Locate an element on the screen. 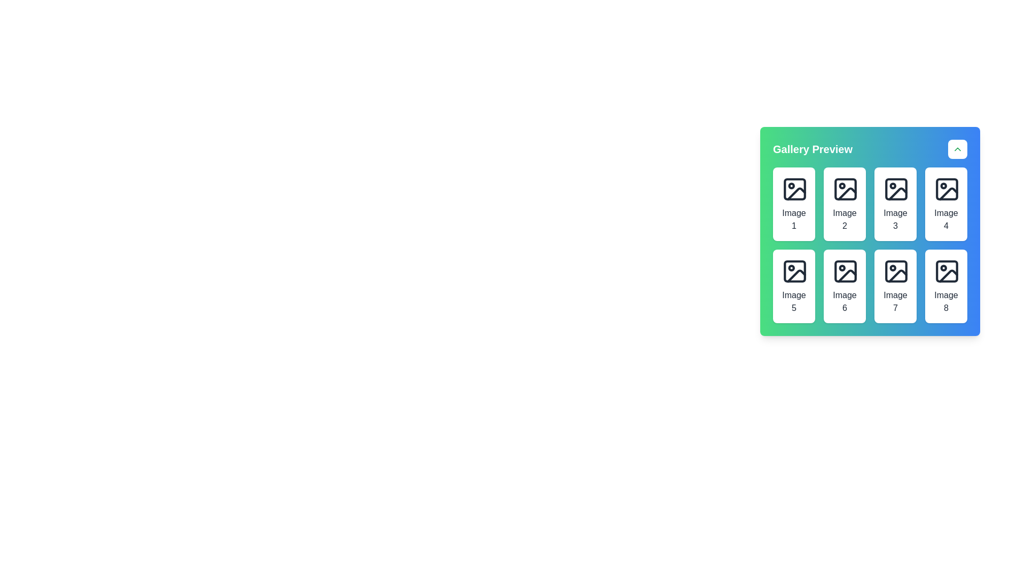  the Static text label displaying 'Image 3', which is located in the third card of a grid layout, directly below the image icon is located at coordinates (895, 219).